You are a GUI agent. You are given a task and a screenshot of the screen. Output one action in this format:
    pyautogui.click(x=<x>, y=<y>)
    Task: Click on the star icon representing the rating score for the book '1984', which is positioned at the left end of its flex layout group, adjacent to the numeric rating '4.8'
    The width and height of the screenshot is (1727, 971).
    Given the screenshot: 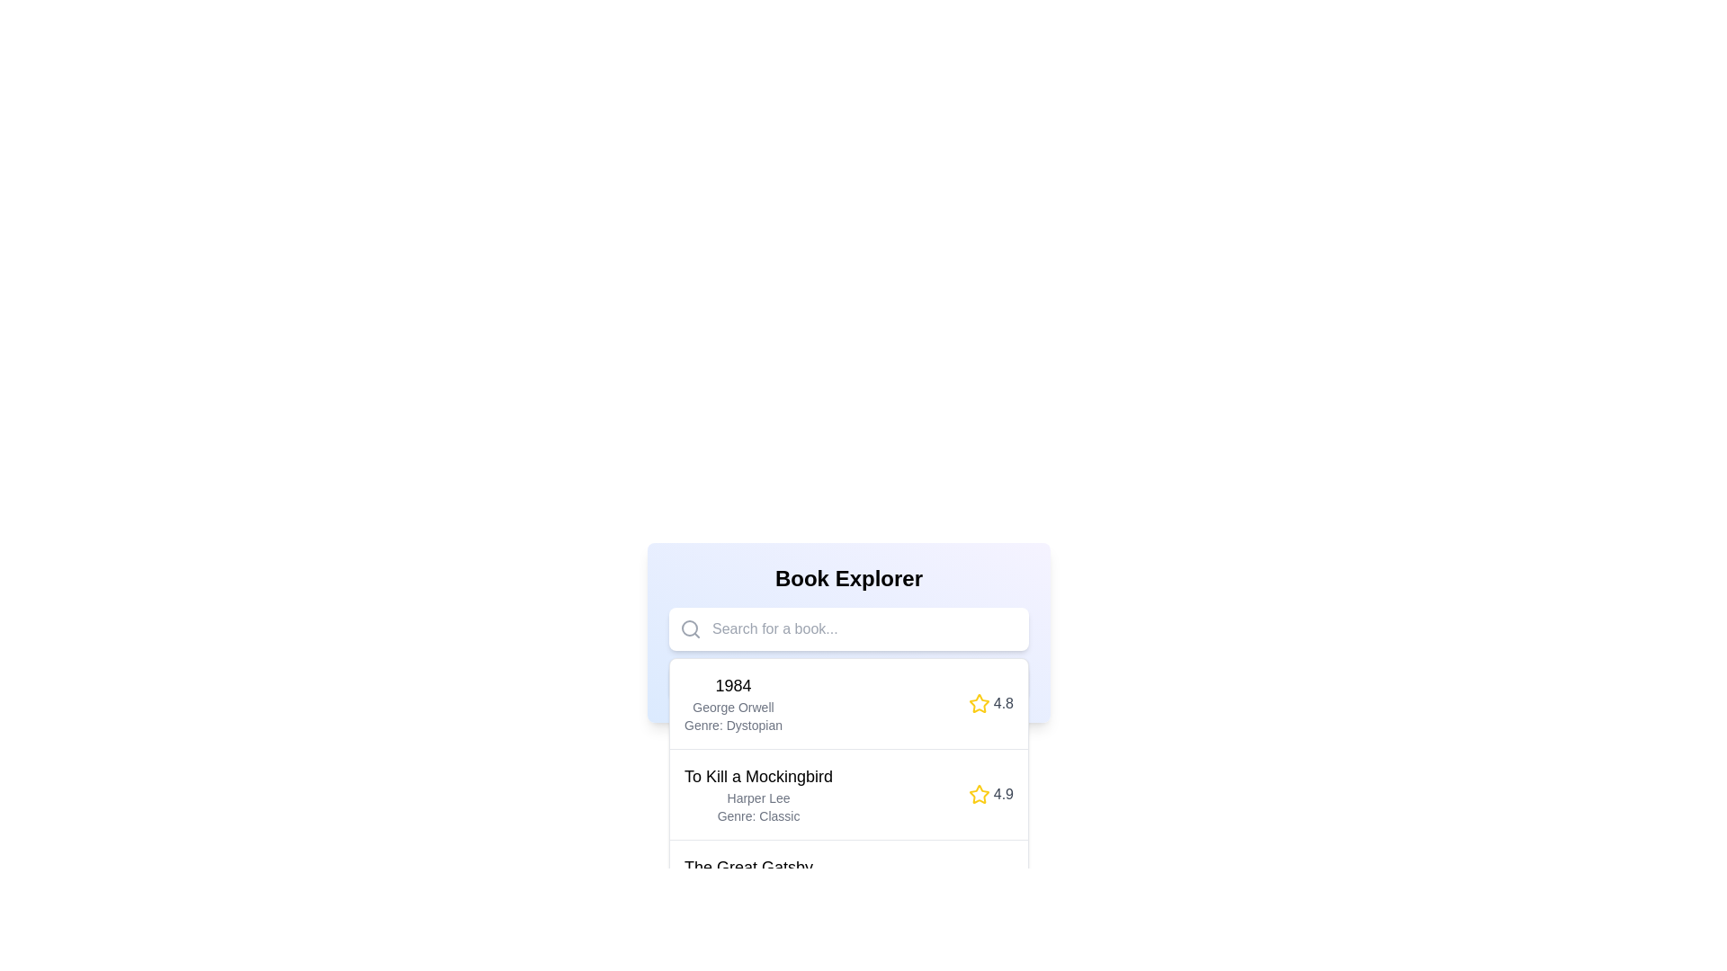 What is the action you would take?
    pyautogui.click(x=978, y=703)
    